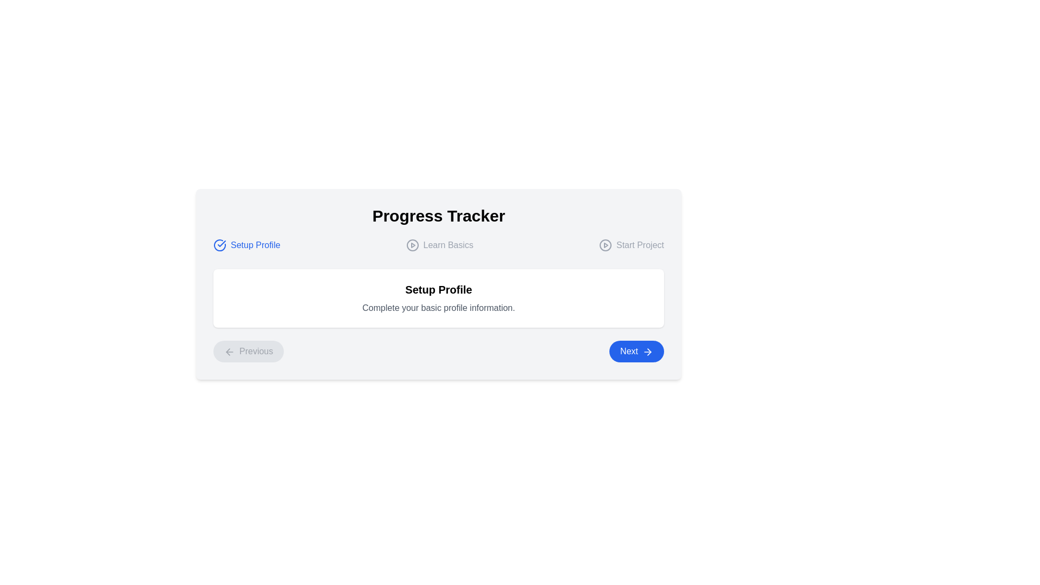 The width and height of the screenshot is (1040, 585). Describe the element at coordinates (636, 351) in the screenshot. I see `the 'Next' button to navigate to the next task` at that location.